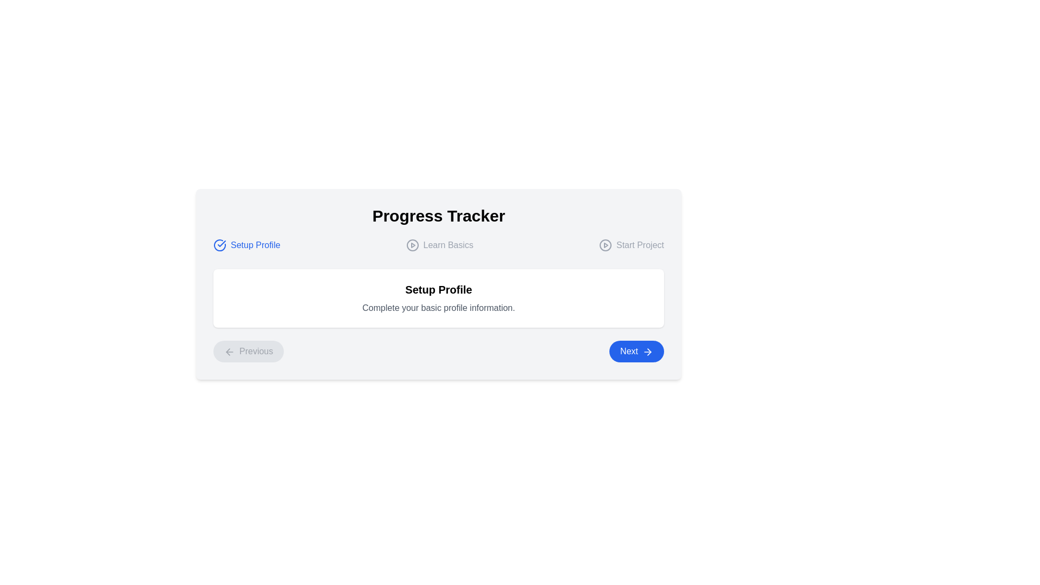 The width and height of the screenshot is (1040, 585). Describe the element at coordinates (636, 351) in the screenshot. I see `the 'Next' button to navigate to the next task` at that location.